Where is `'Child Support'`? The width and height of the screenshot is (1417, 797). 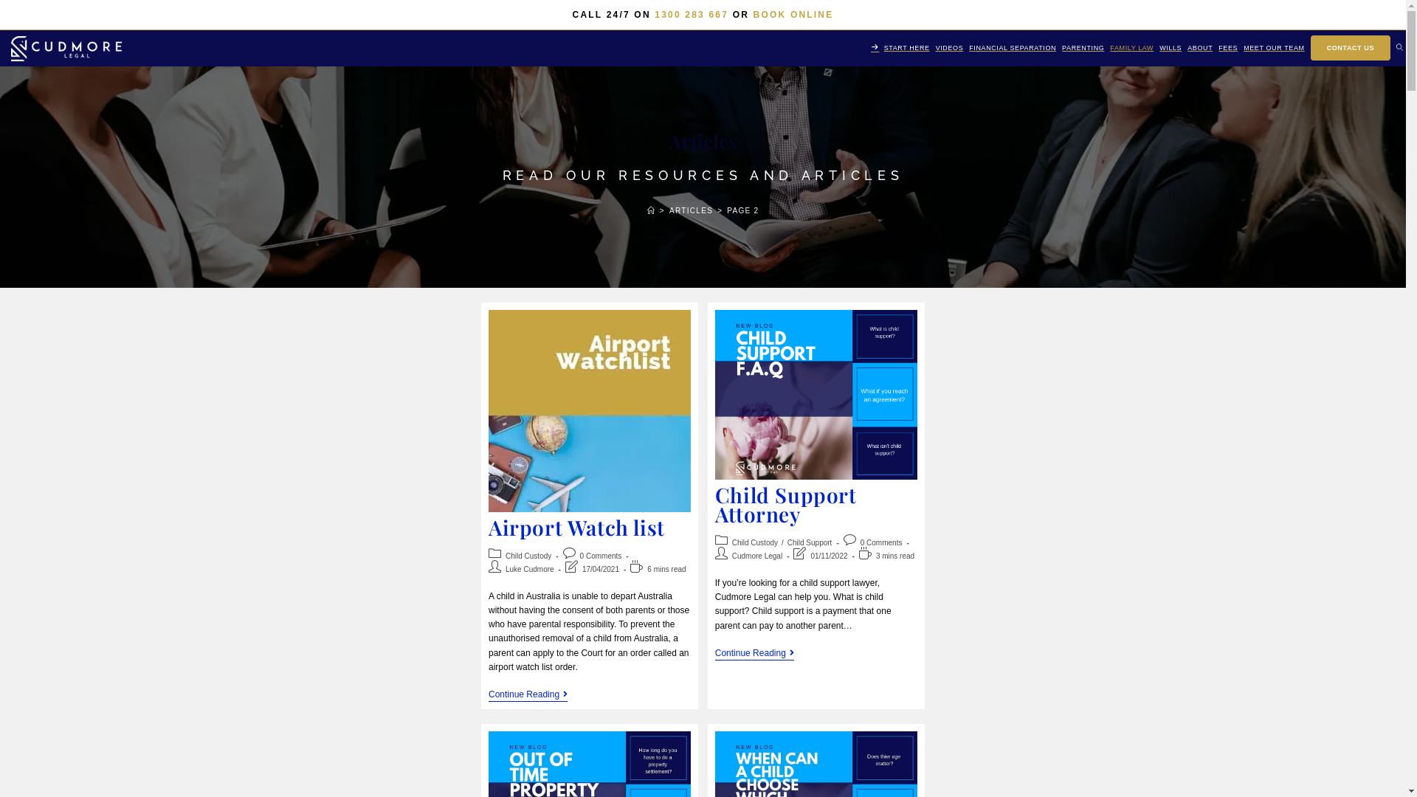
'Child Support' is located at coordinates (809, 542).